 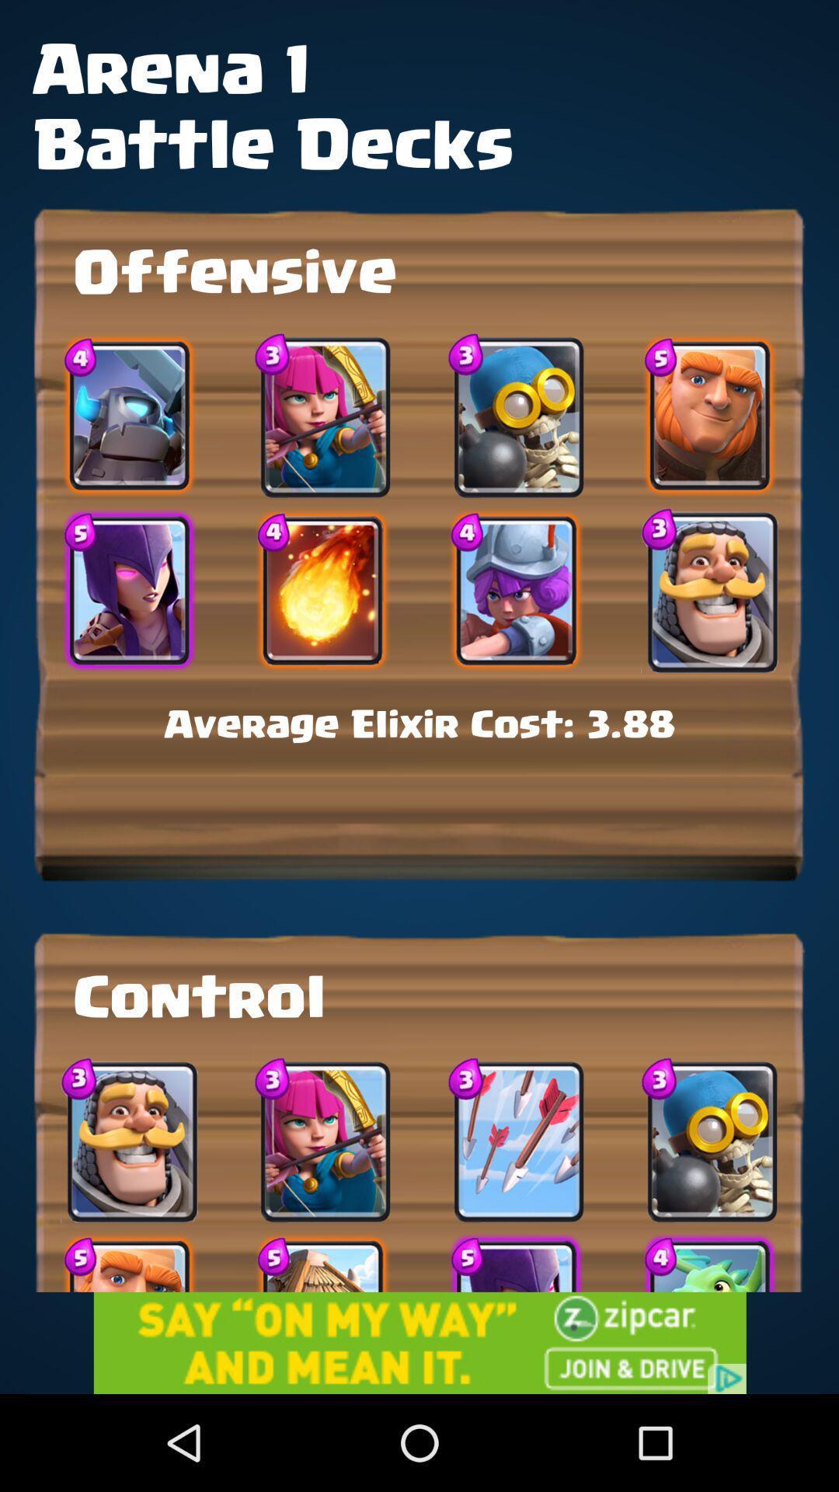 What do you see at coordinates (419, 1342) in the screenshot?
I see `advertisement for zipcar app` at bounding box center [419, 1342].